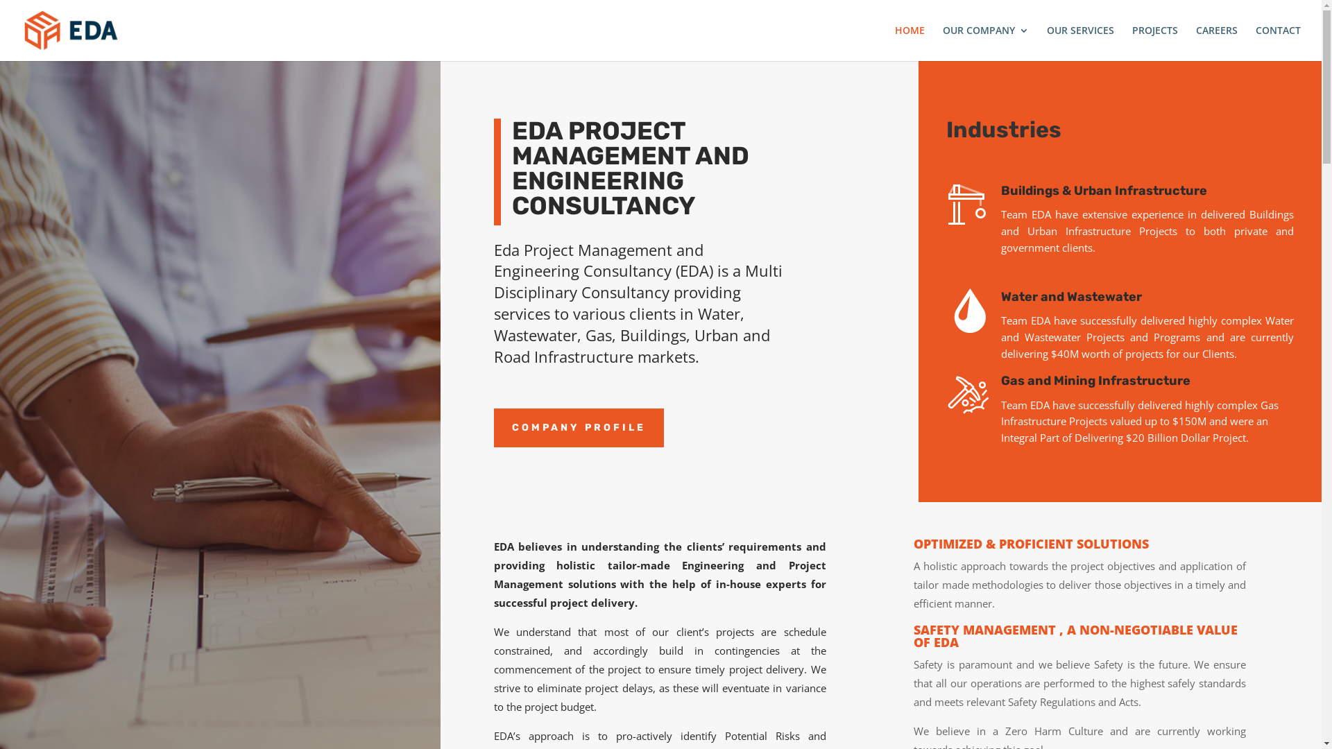 The width and height of the screenshot is (1332, 749). What do you see at coordinates (1155, 42) in the screenshot?
I see `'PROJECTS'` at bounding box center [1155, 42].